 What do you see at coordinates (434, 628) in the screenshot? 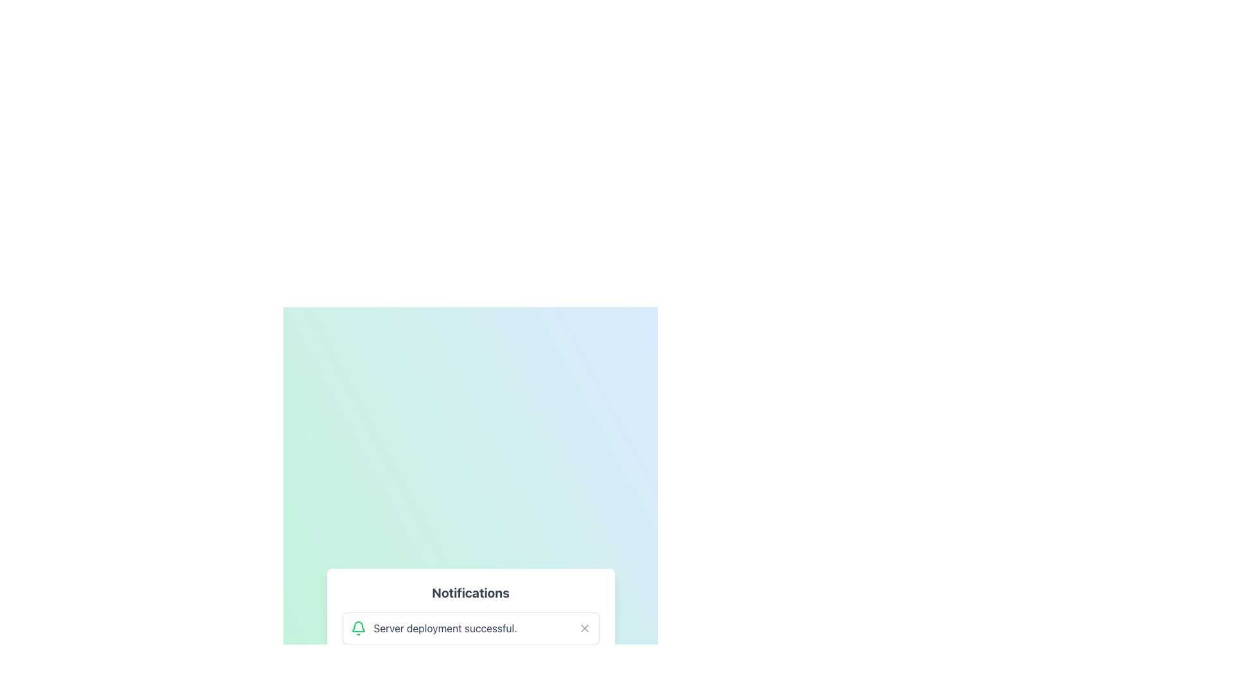
I see `the notification message that reads 'Server deployment successful.' which is accompanied by a green bell icon, located at the bottom center of the interface` at bounding box center [434, 628].